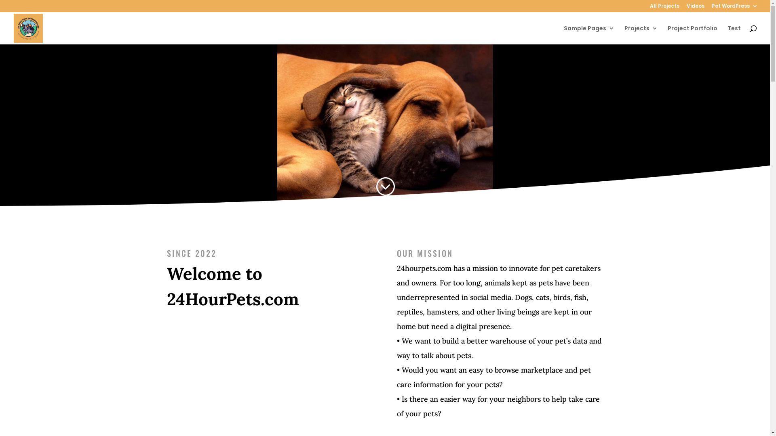 The width and height of the screenshot is (776, 436). I want to click on 'Videos', so click(695, 8).